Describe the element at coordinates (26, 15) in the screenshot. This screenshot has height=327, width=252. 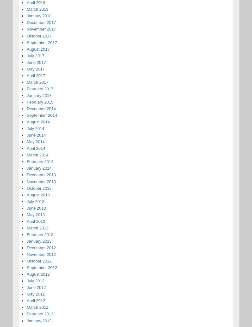
I see `'January 2018'` at that location.